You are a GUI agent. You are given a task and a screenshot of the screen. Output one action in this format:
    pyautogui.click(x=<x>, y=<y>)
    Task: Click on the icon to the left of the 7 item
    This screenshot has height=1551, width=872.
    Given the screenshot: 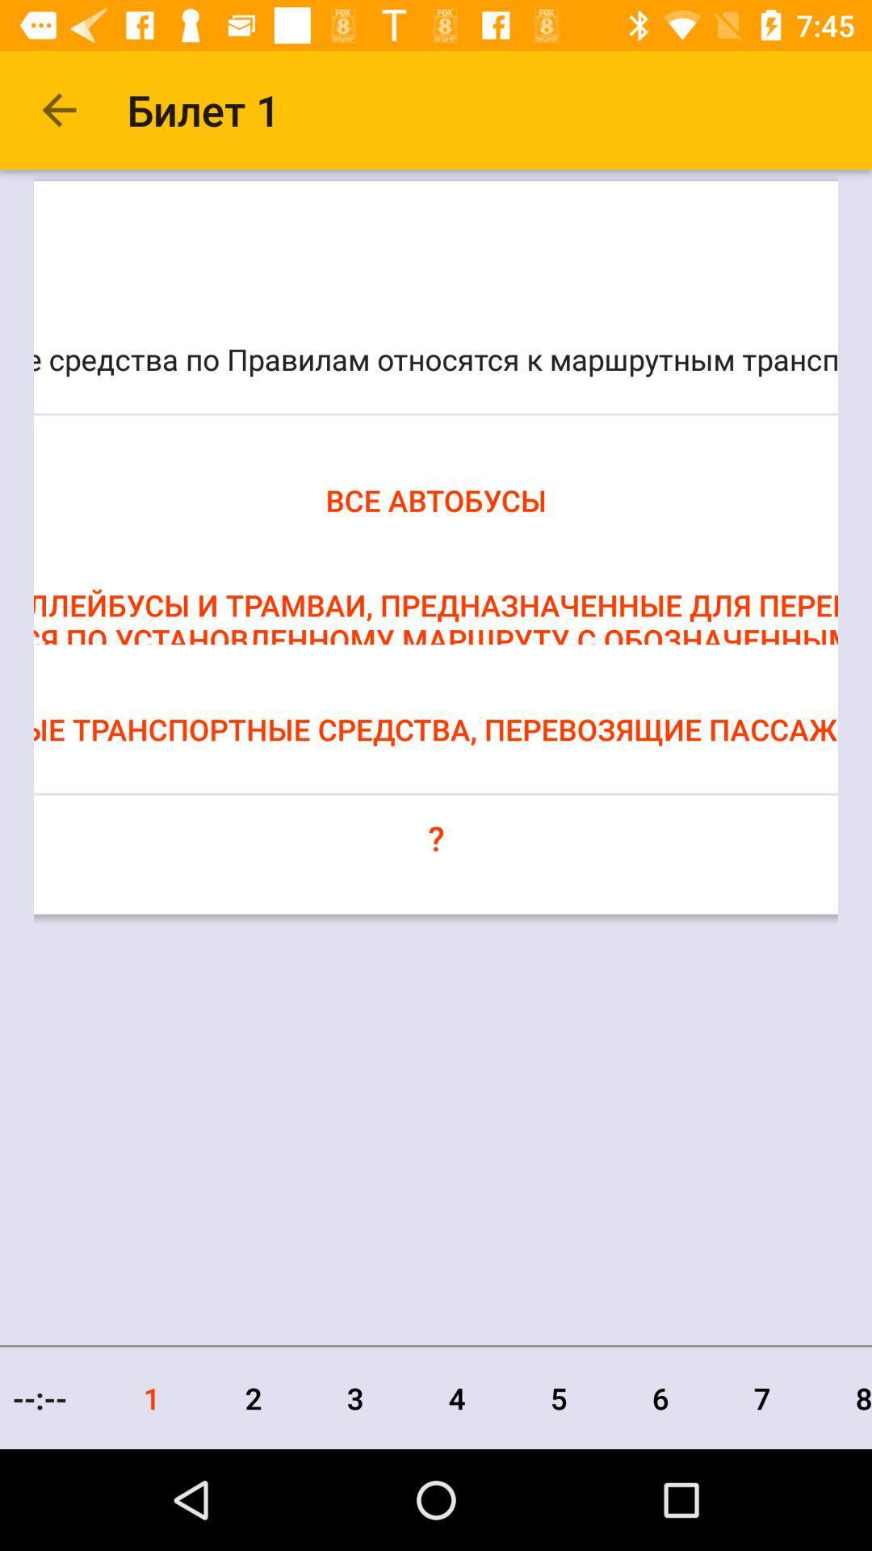 What is the action you would take?
    pyautogui.click(x=660, y=1398)
    